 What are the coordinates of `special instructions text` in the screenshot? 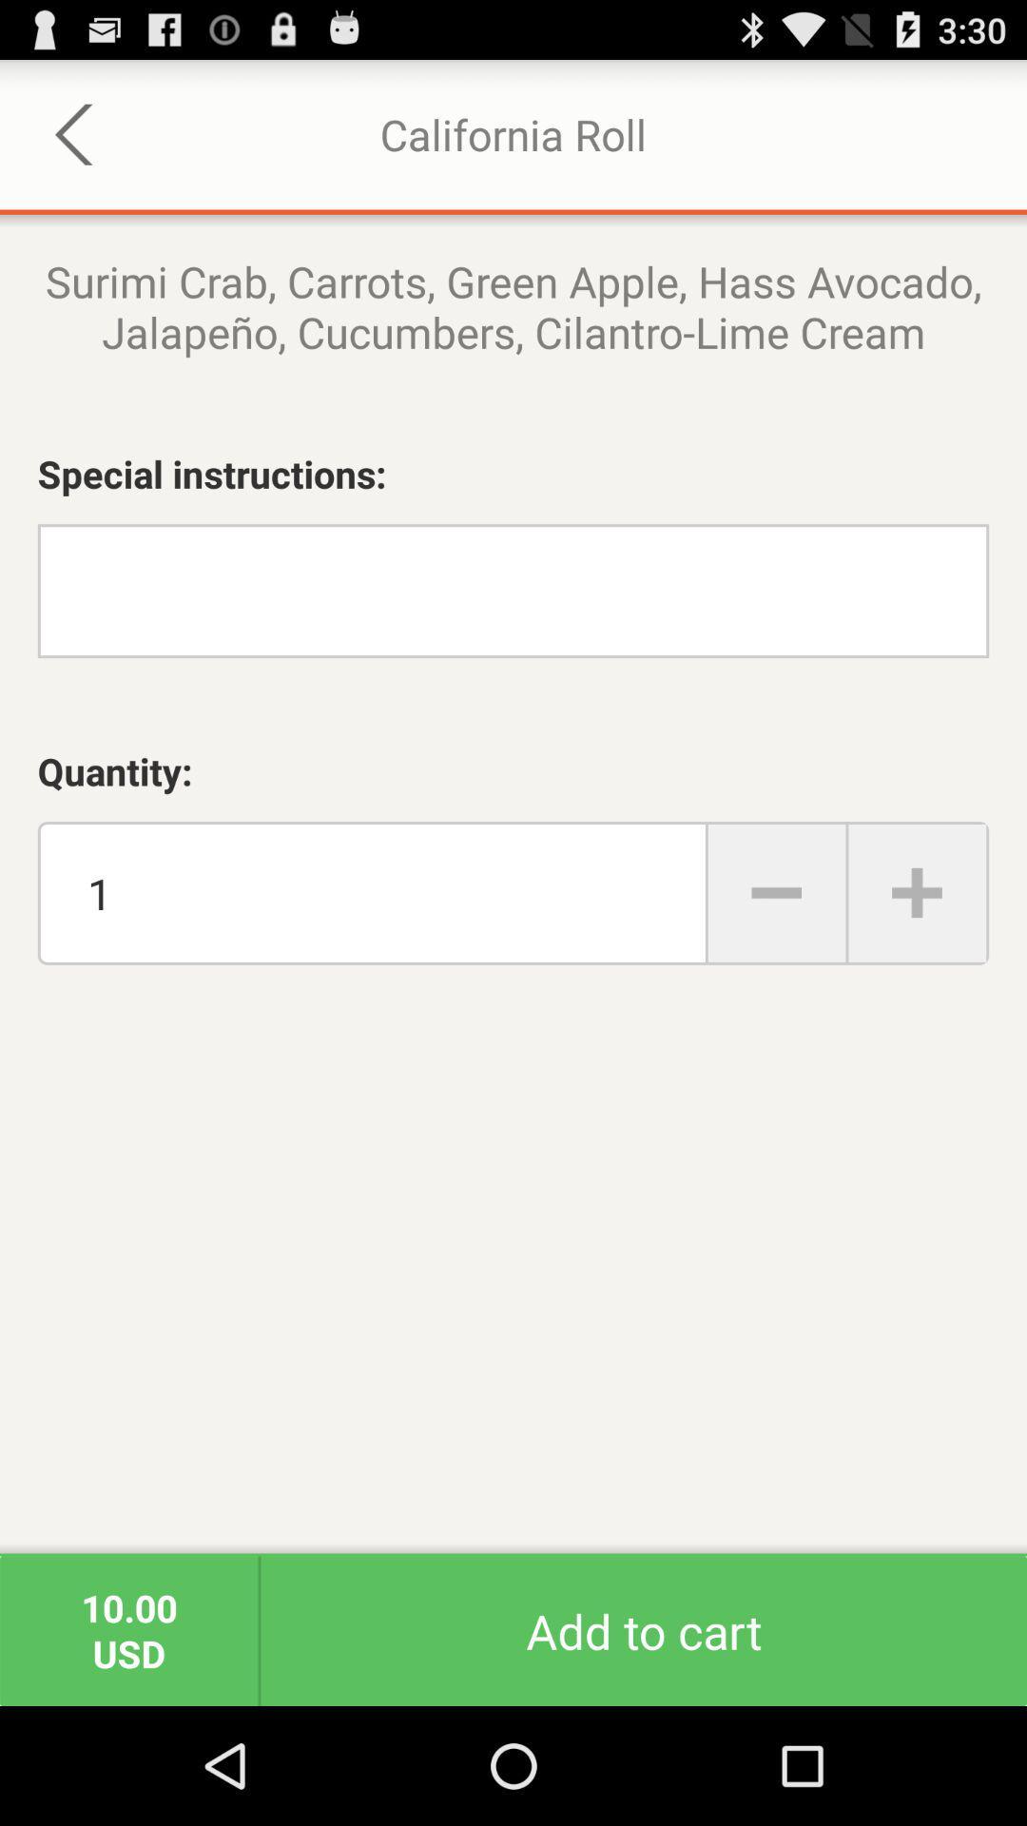 It's located at (513, 590).